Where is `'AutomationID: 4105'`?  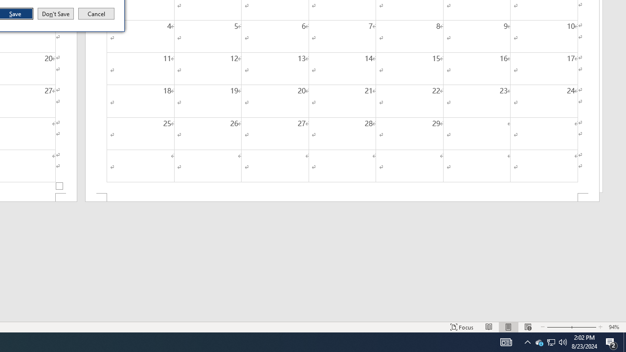
'AutomationID: 4105' is located at coordinates (506, 341).